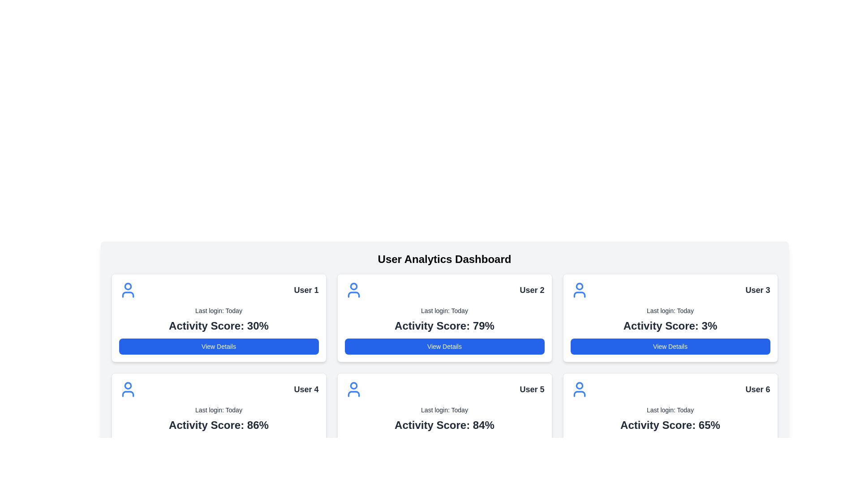 This screenshot has width=860, height=483. I want to click on the bottom arc of the user icon in the card labeled 'User 5', which symbolizes the base of the person icon, so click(579, 393).